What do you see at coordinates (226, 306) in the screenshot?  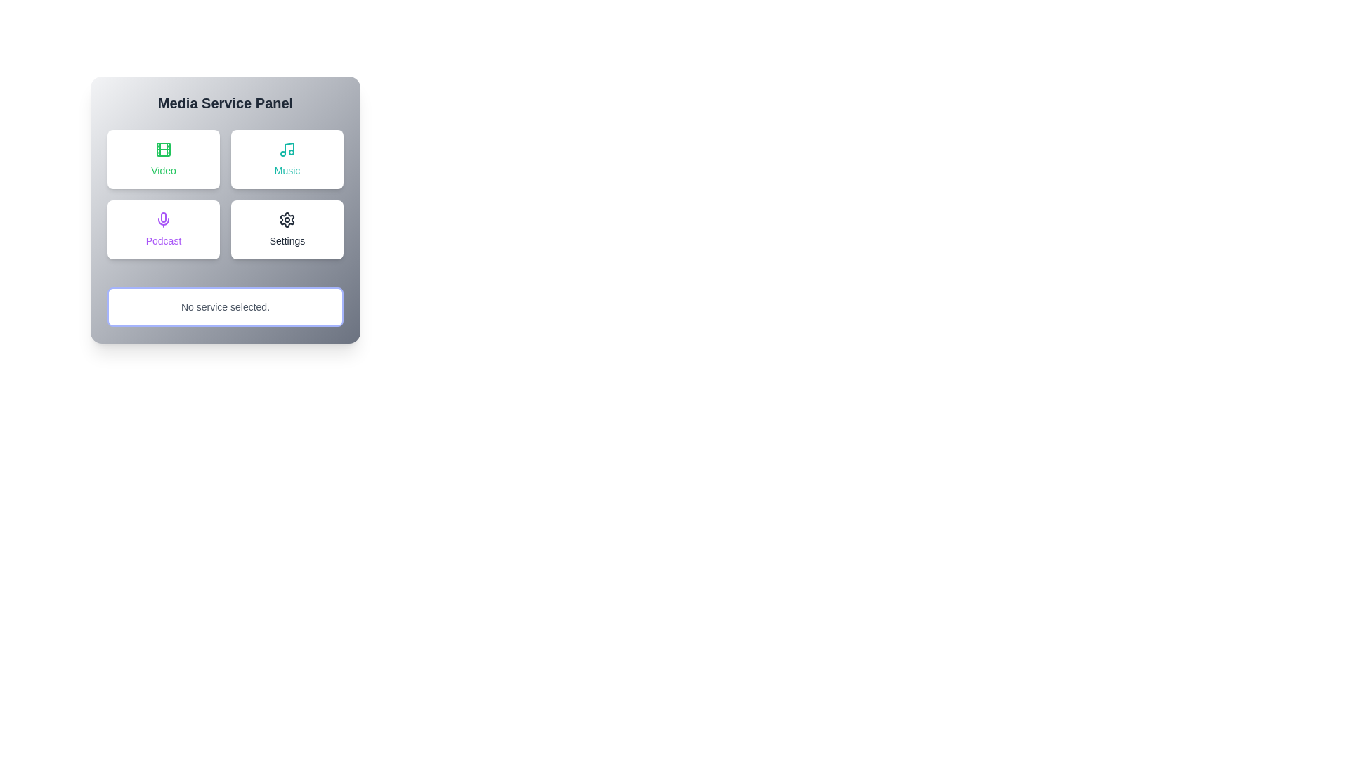 I see `the static text label reading 'No service selected.' located in the center-bottom section of the 'Media Service Panel'` at bounding box center [226, 306].